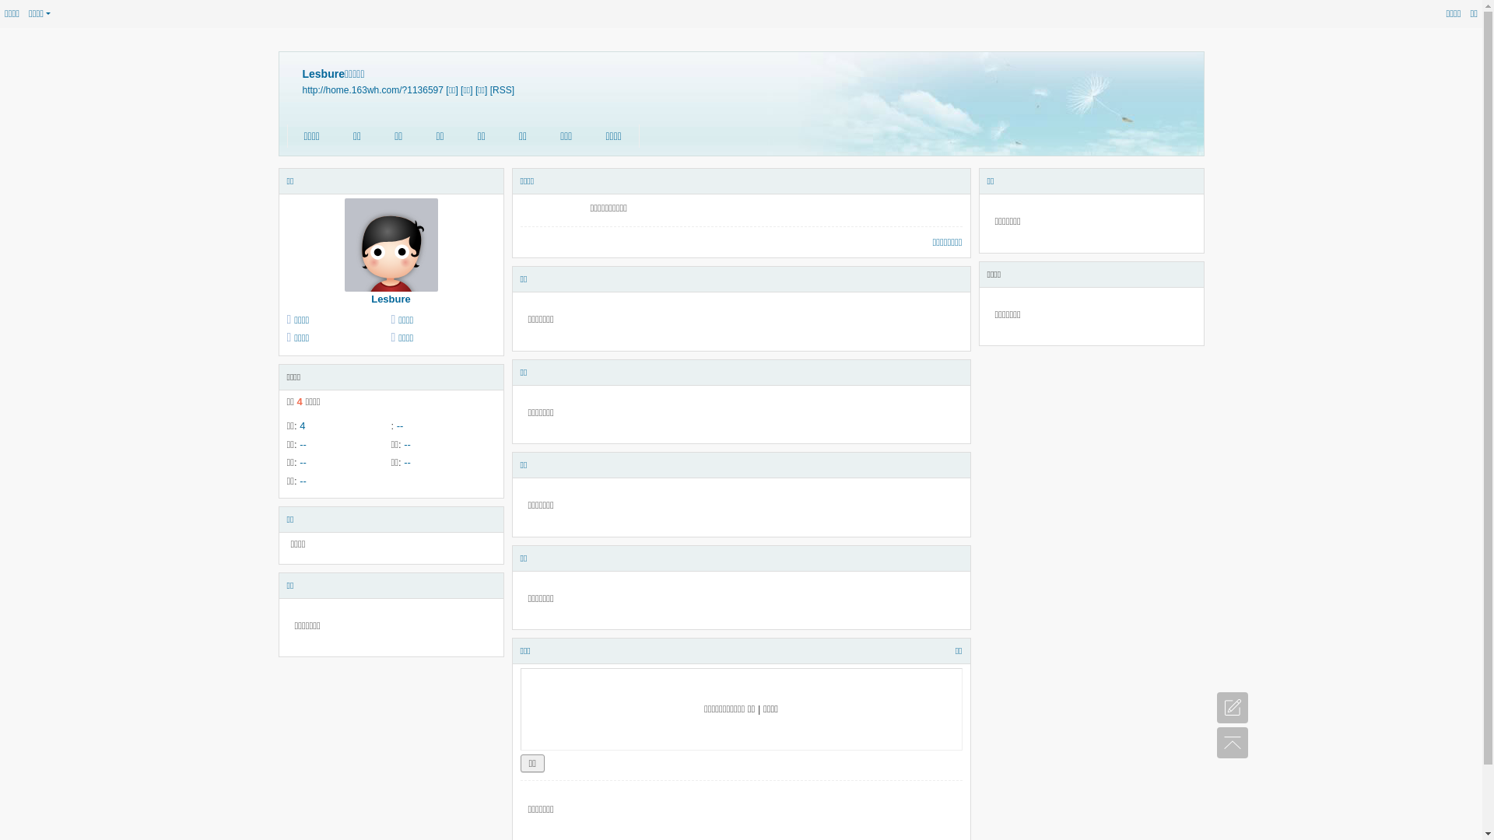 This screenshot has height=840, width=1494. Describe the element at coordinates (502, 89) in the screenshot. I see `'[RSS]'` at that location.